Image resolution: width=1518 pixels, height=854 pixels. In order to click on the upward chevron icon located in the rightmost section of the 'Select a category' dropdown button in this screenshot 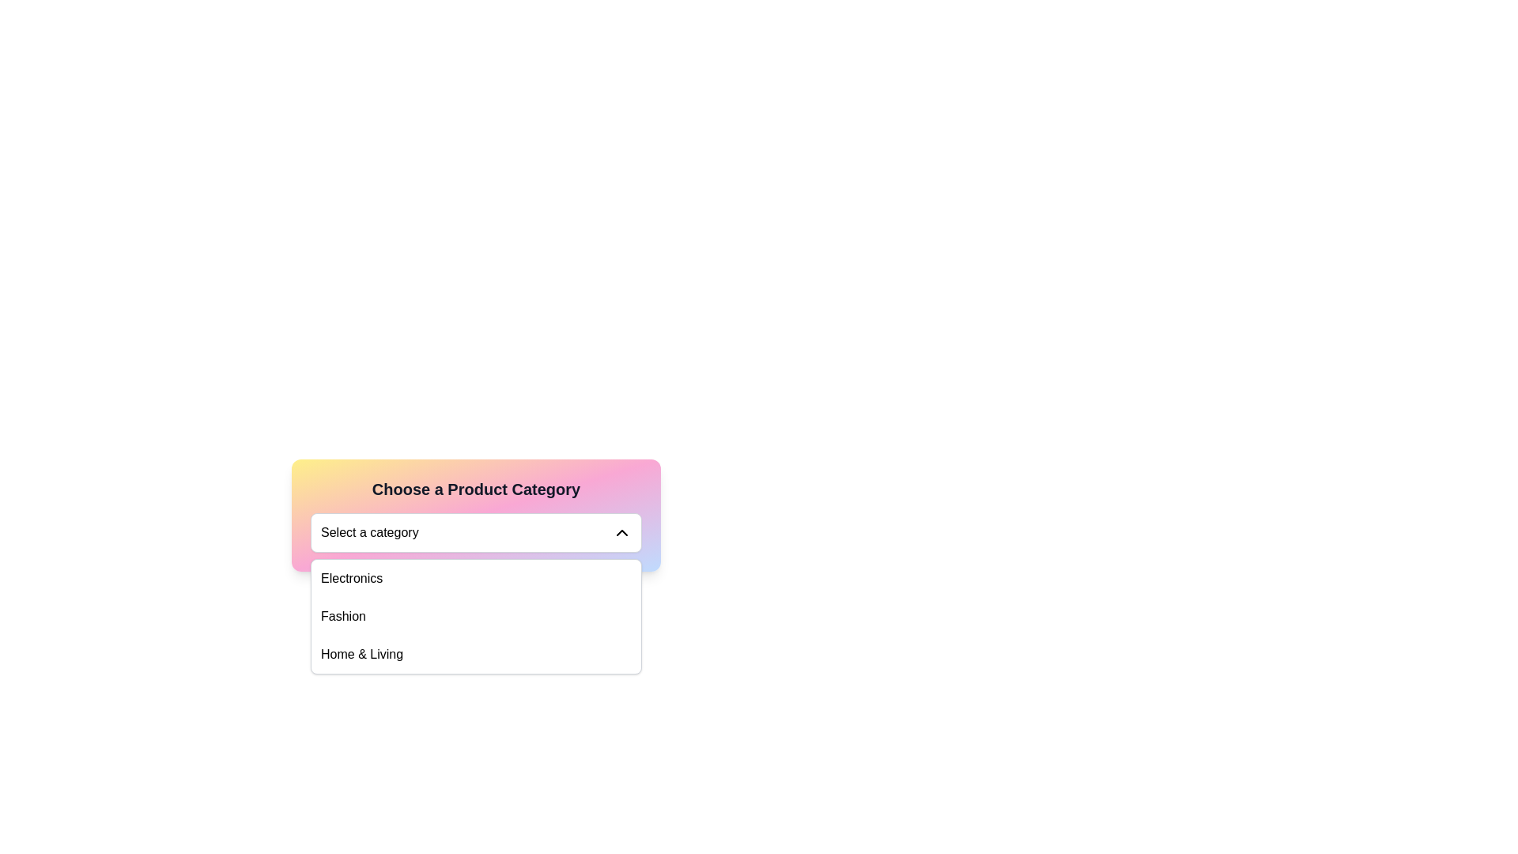, I will do `click(621, 533)`.